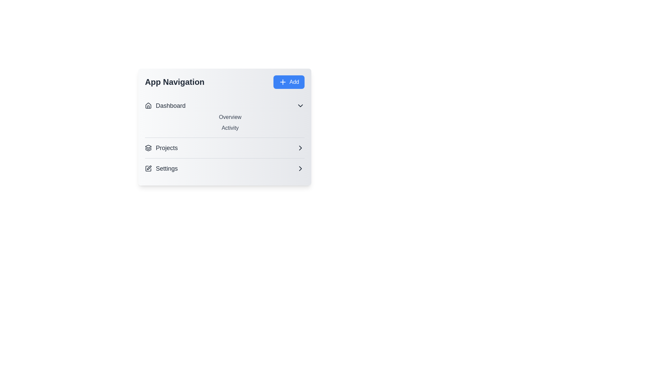 This screenshot has width=649, height=365. What do you see at coordinates (225, 168) in the screenshot?
I see `the 'Settings' button to toggle its visibility` at bounding box center [225, 168].